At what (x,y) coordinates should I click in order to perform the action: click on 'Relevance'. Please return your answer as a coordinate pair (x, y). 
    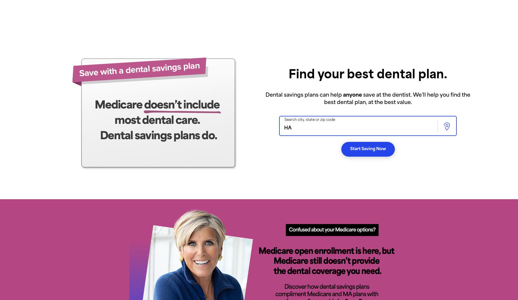
    Looking at the image, I should click on (336, 39).